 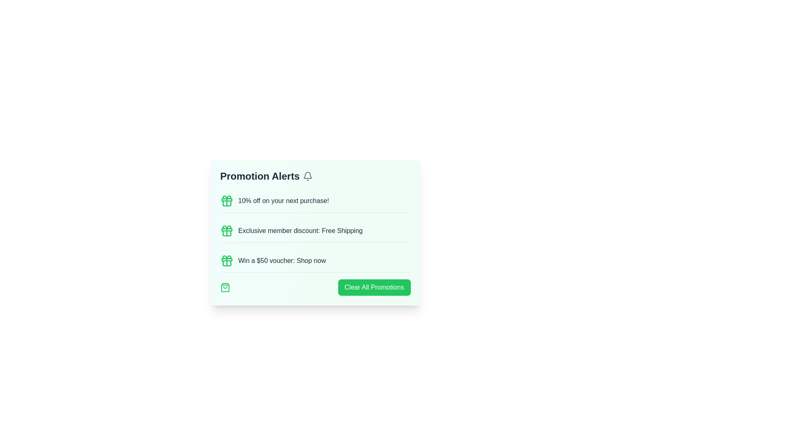 I want to click on the green outlined shopping bag icon located at the top-left corner of the 'Clear All Promotions' button, so click(x=225, y=287).